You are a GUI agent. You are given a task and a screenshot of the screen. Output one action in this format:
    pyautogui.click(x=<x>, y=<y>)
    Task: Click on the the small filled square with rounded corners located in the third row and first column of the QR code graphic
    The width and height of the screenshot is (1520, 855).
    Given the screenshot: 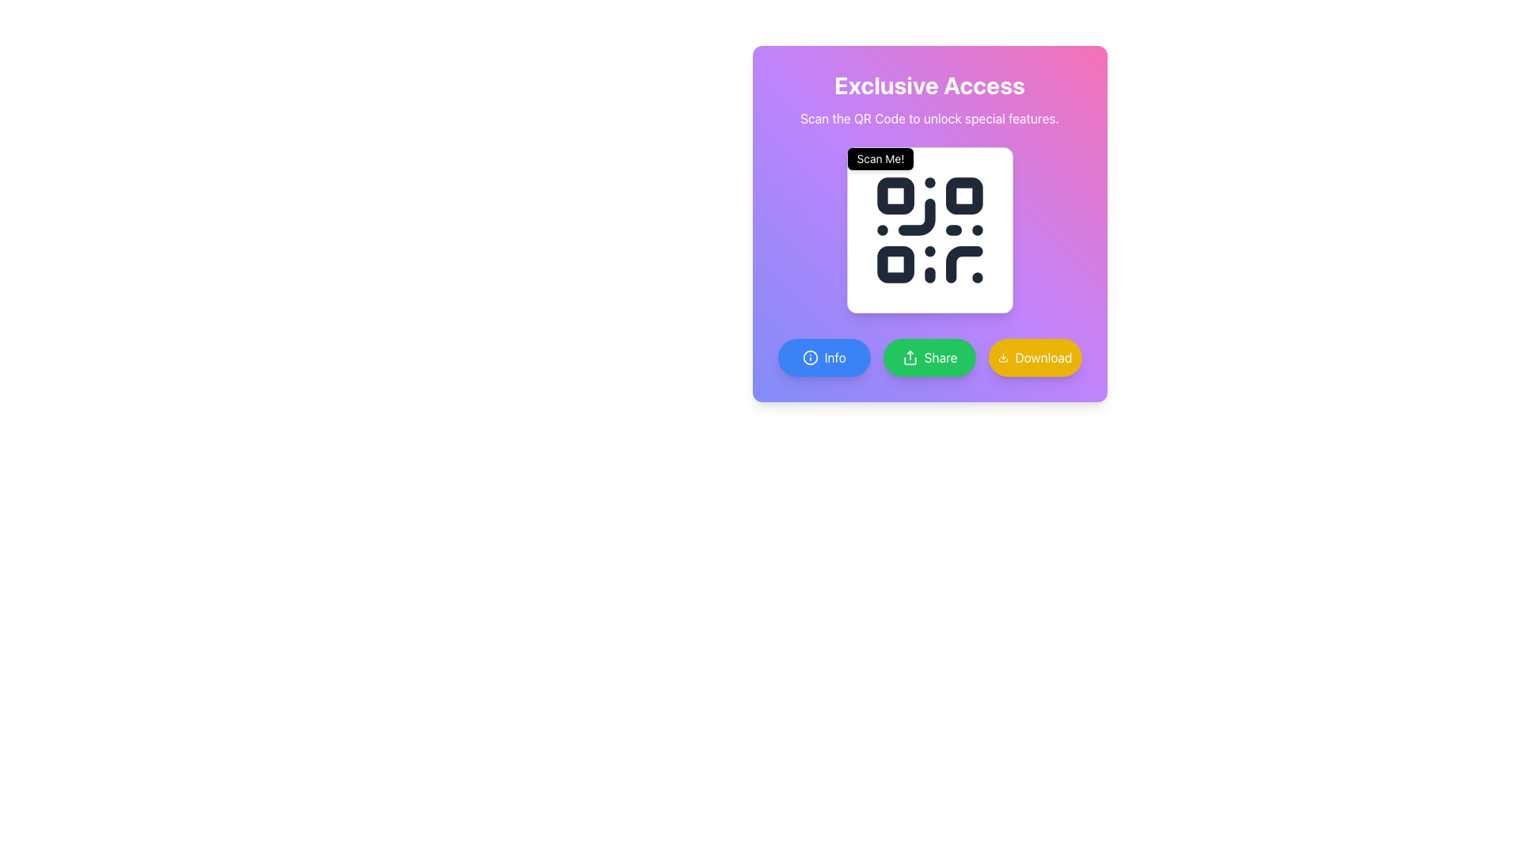 What is the action you would take?
    pyautogui.click(x=895, y=264)
    